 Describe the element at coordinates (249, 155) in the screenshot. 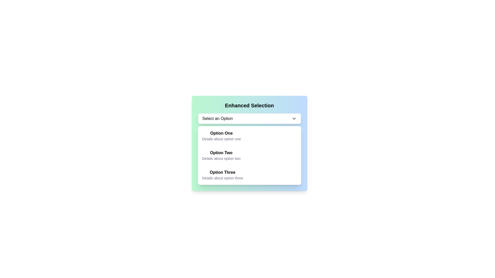

I see `the second selectable list item that displays 'Option Two' with details about it in a dropdown menu` at that location.